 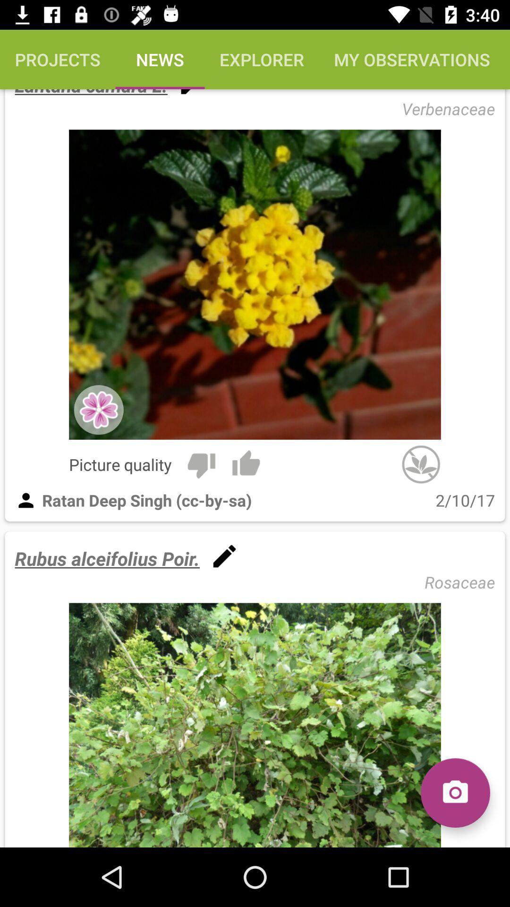 I want to click on the item above 2/10/17, so click(x=420, y=464).